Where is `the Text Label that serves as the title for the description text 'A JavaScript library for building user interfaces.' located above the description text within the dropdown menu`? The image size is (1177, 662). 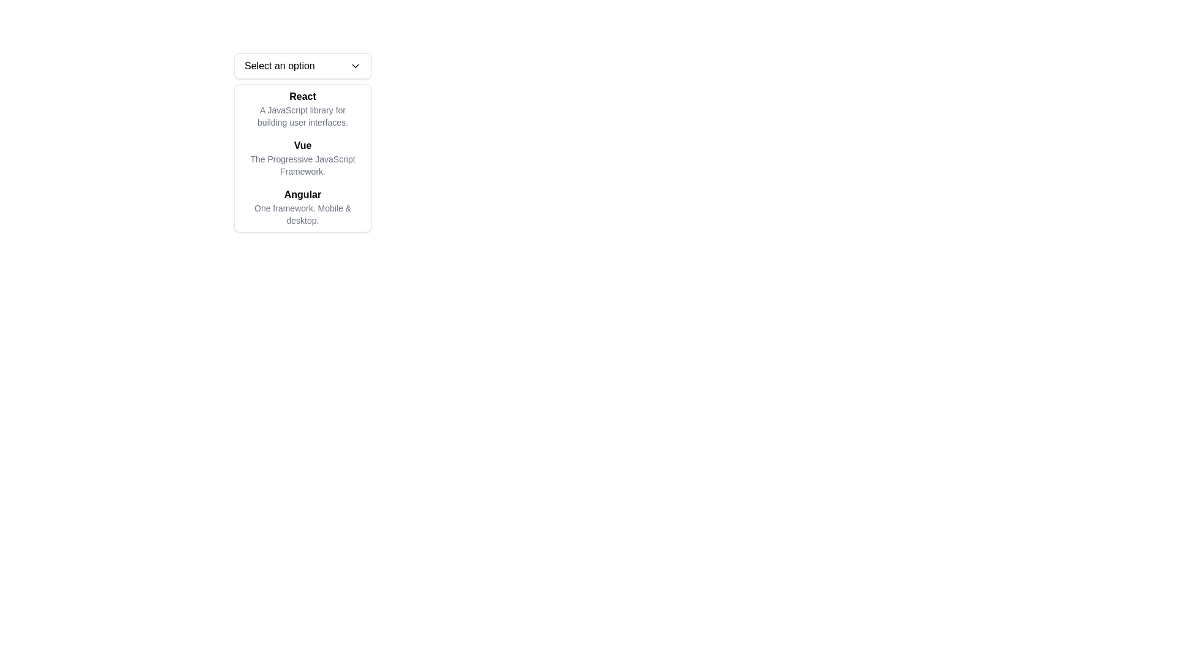 the Text Label that serves as the title for the description text 'A JavaScript library for building user interfaces.' located above the description text within the dropdown menu is located at coordinates (303, 96).